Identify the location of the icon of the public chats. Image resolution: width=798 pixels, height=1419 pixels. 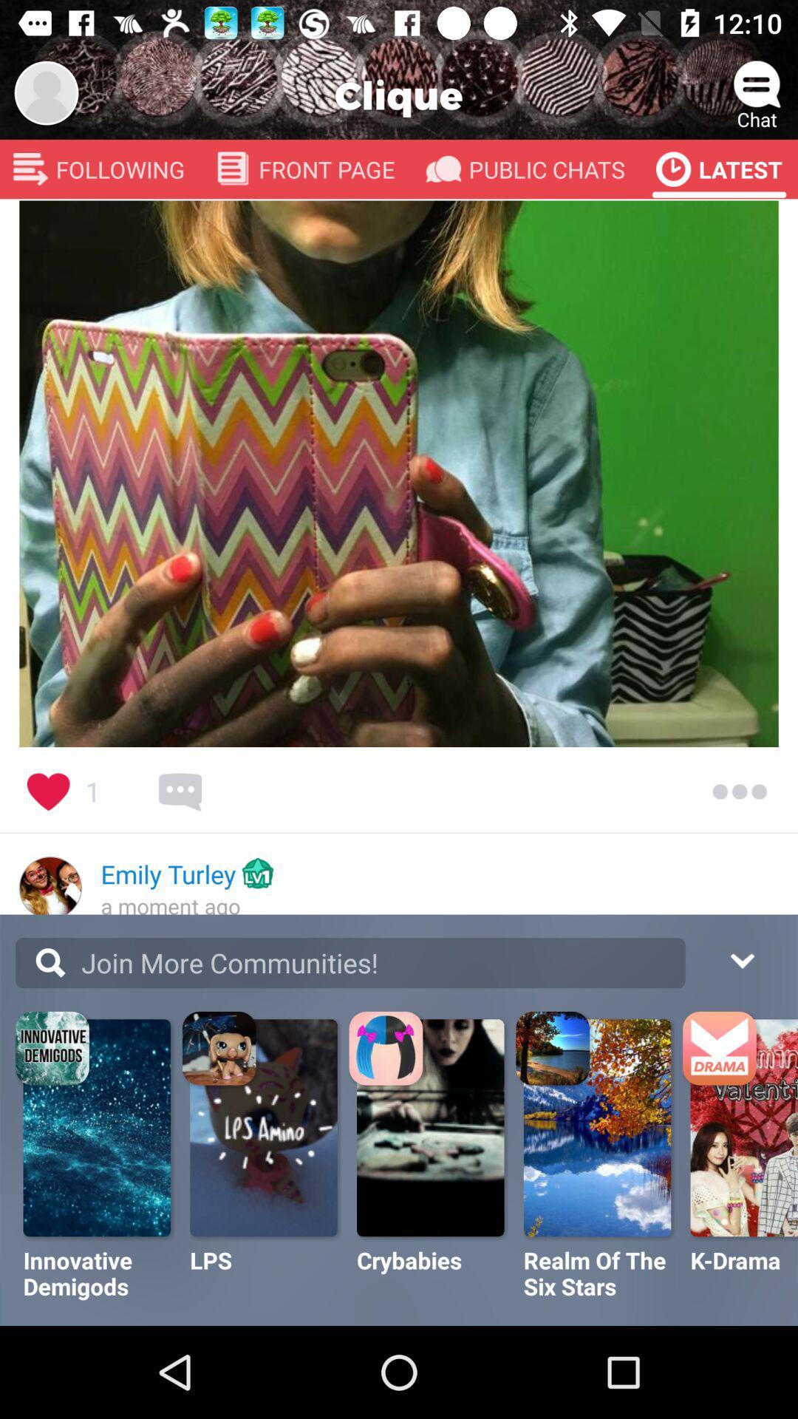
(443, 169).